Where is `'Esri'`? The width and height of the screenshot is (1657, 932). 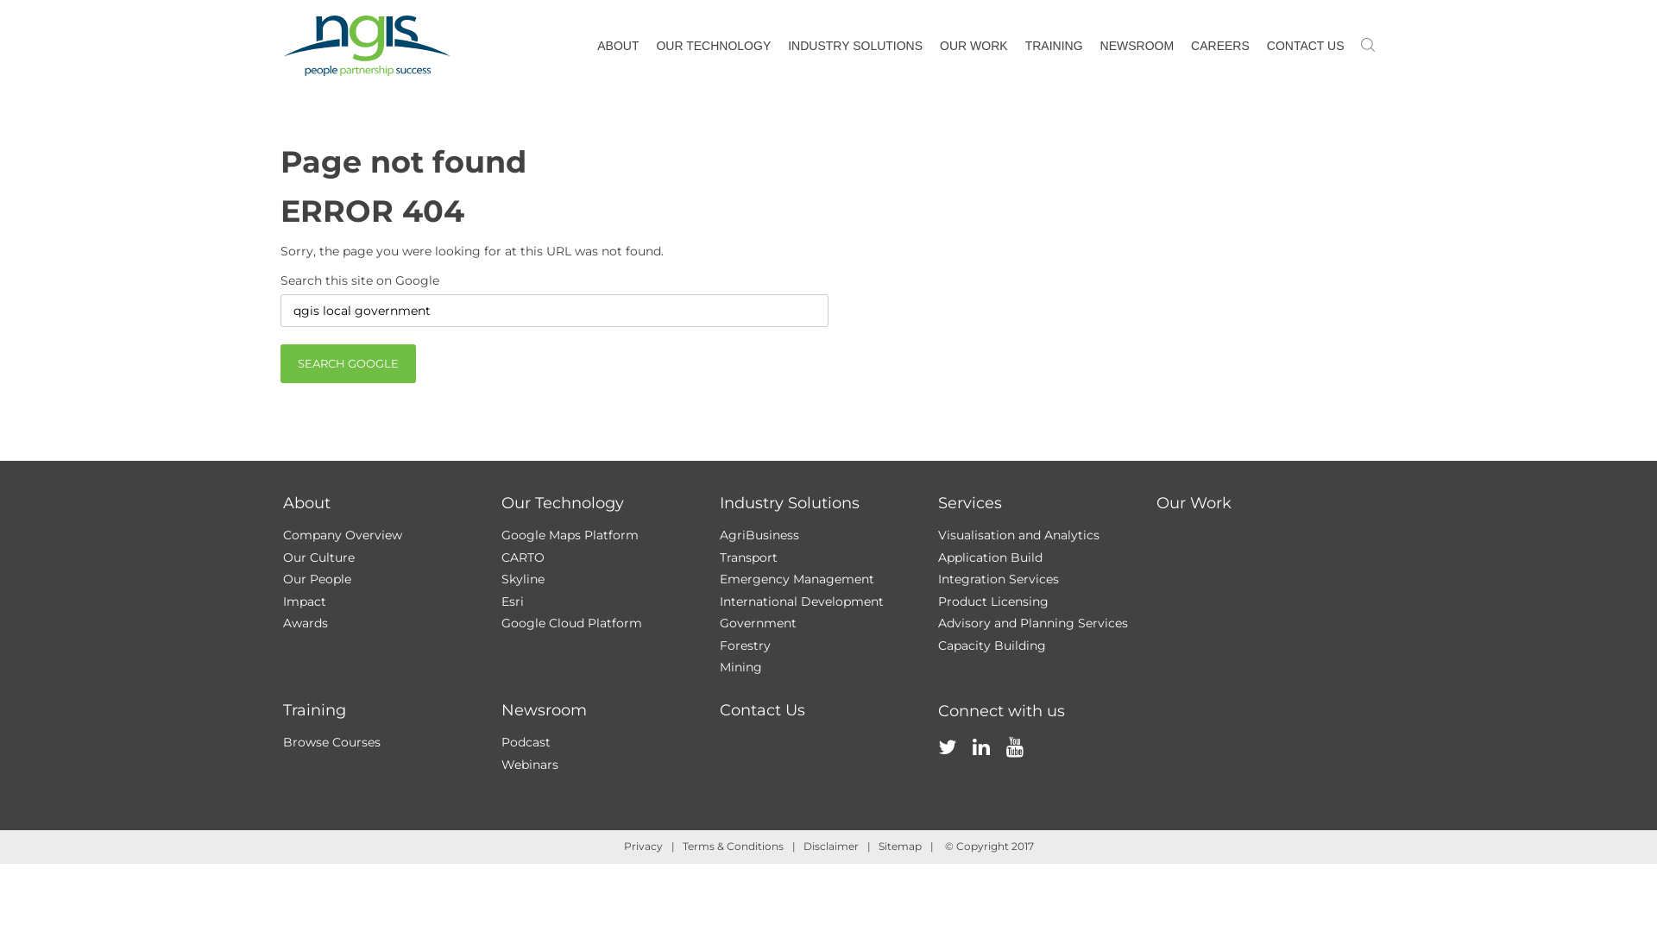 'Esri' is located at coordinates (511, 601).